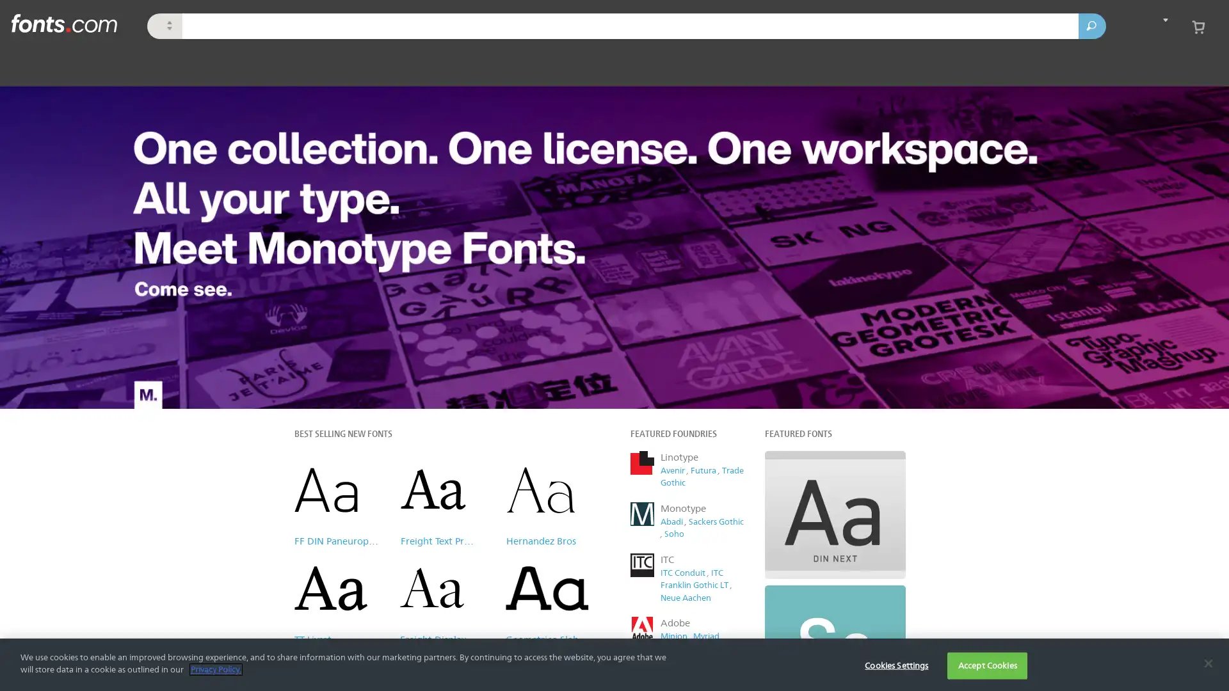 The image size is (1229, 691). Describe the element at coordinates (742, 330) in the screenshot. I see `Subscribe` at that location.